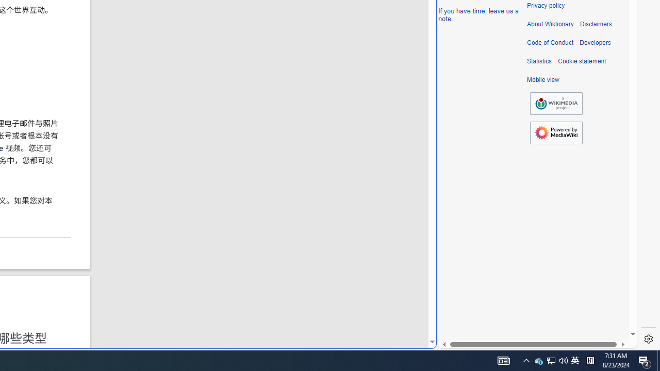 The image size is (660, 371). I want to click on 'Developers', so click(595, 42).